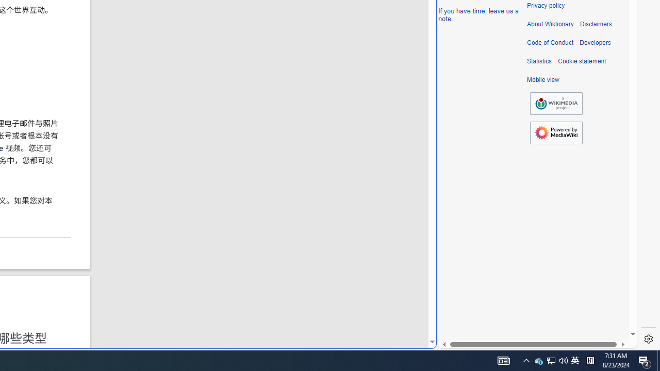 The image size is (660, 371). I want to click on 'Developers', so click(595, 42).